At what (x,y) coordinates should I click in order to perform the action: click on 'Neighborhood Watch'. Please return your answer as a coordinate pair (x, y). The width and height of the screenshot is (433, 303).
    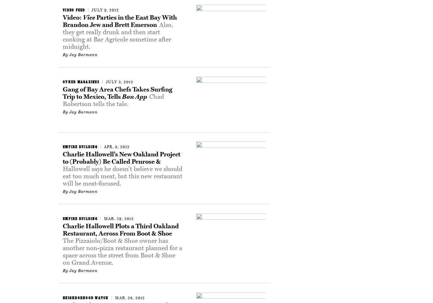
    Looking at the image, I should click on (62, 297).